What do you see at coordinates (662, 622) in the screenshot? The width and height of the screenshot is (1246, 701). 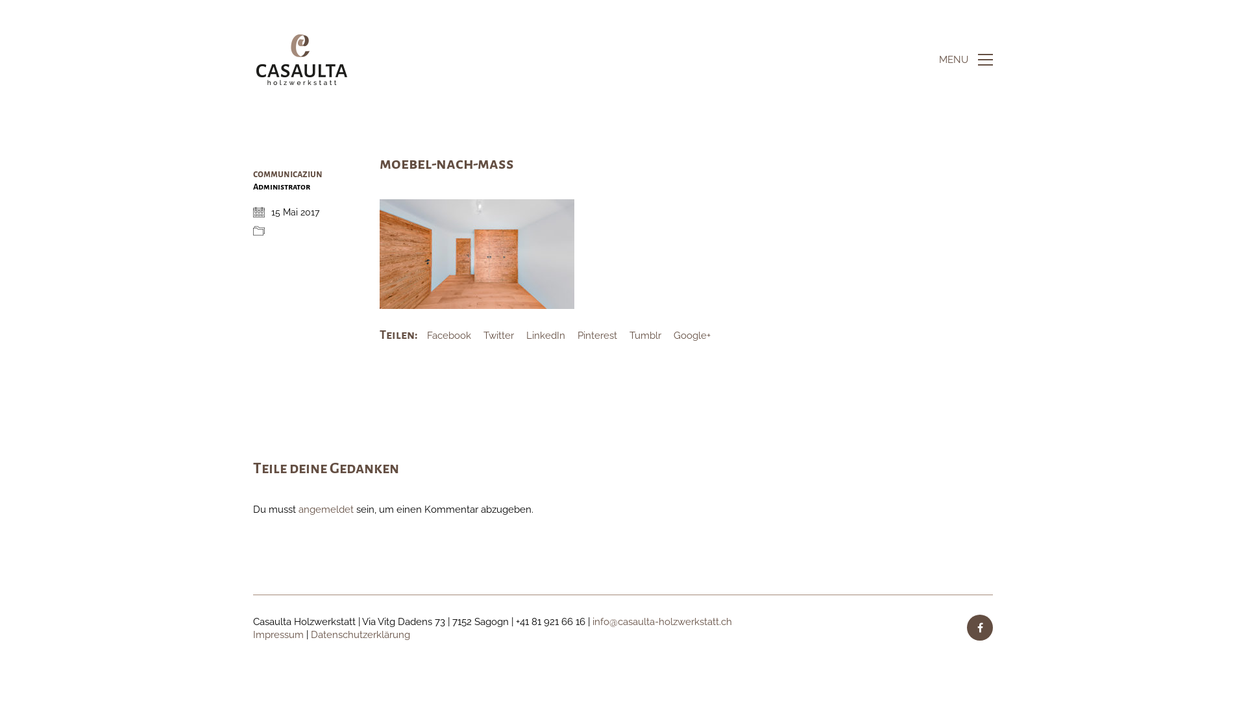 I see `'info@casaulta-holzwerkstatt.ch'` at bounding box center [662, 622].